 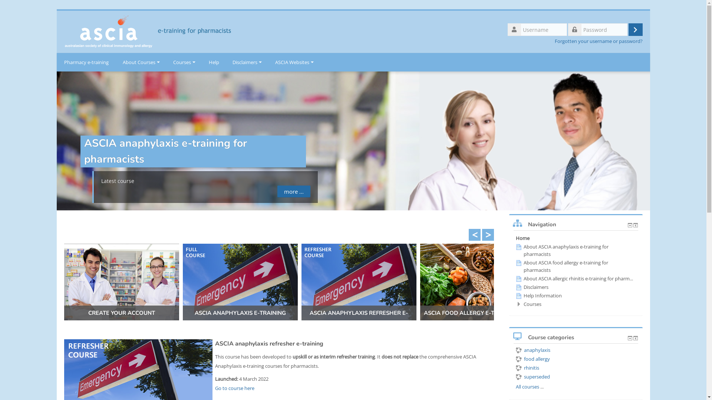 I want to click on 'Go to course here', so click(x=234, y=388).